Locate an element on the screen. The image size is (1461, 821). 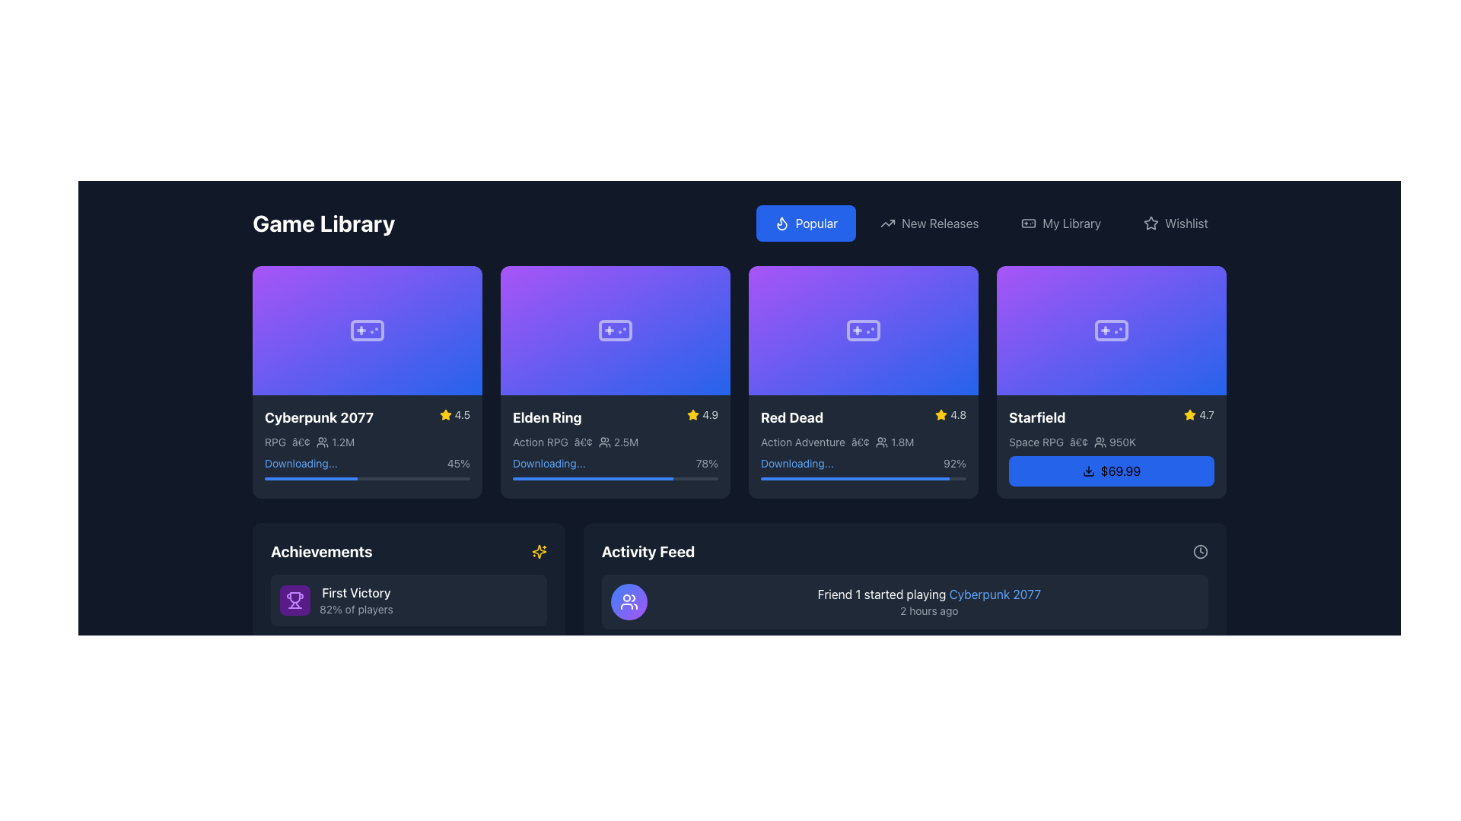
the star-shaped icon in the top-right navigation bar, which symbolizes favorite or starred items, located to the left of the 'Wishlist' text label is located at coordinates (1151, 223).